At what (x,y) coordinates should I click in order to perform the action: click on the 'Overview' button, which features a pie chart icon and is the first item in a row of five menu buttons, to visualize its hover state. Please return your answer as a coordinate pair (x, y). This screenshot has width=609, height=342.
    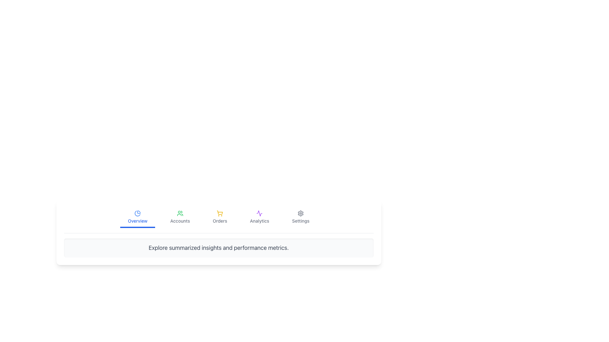
    Looking at the image, I should click on (137, 217).